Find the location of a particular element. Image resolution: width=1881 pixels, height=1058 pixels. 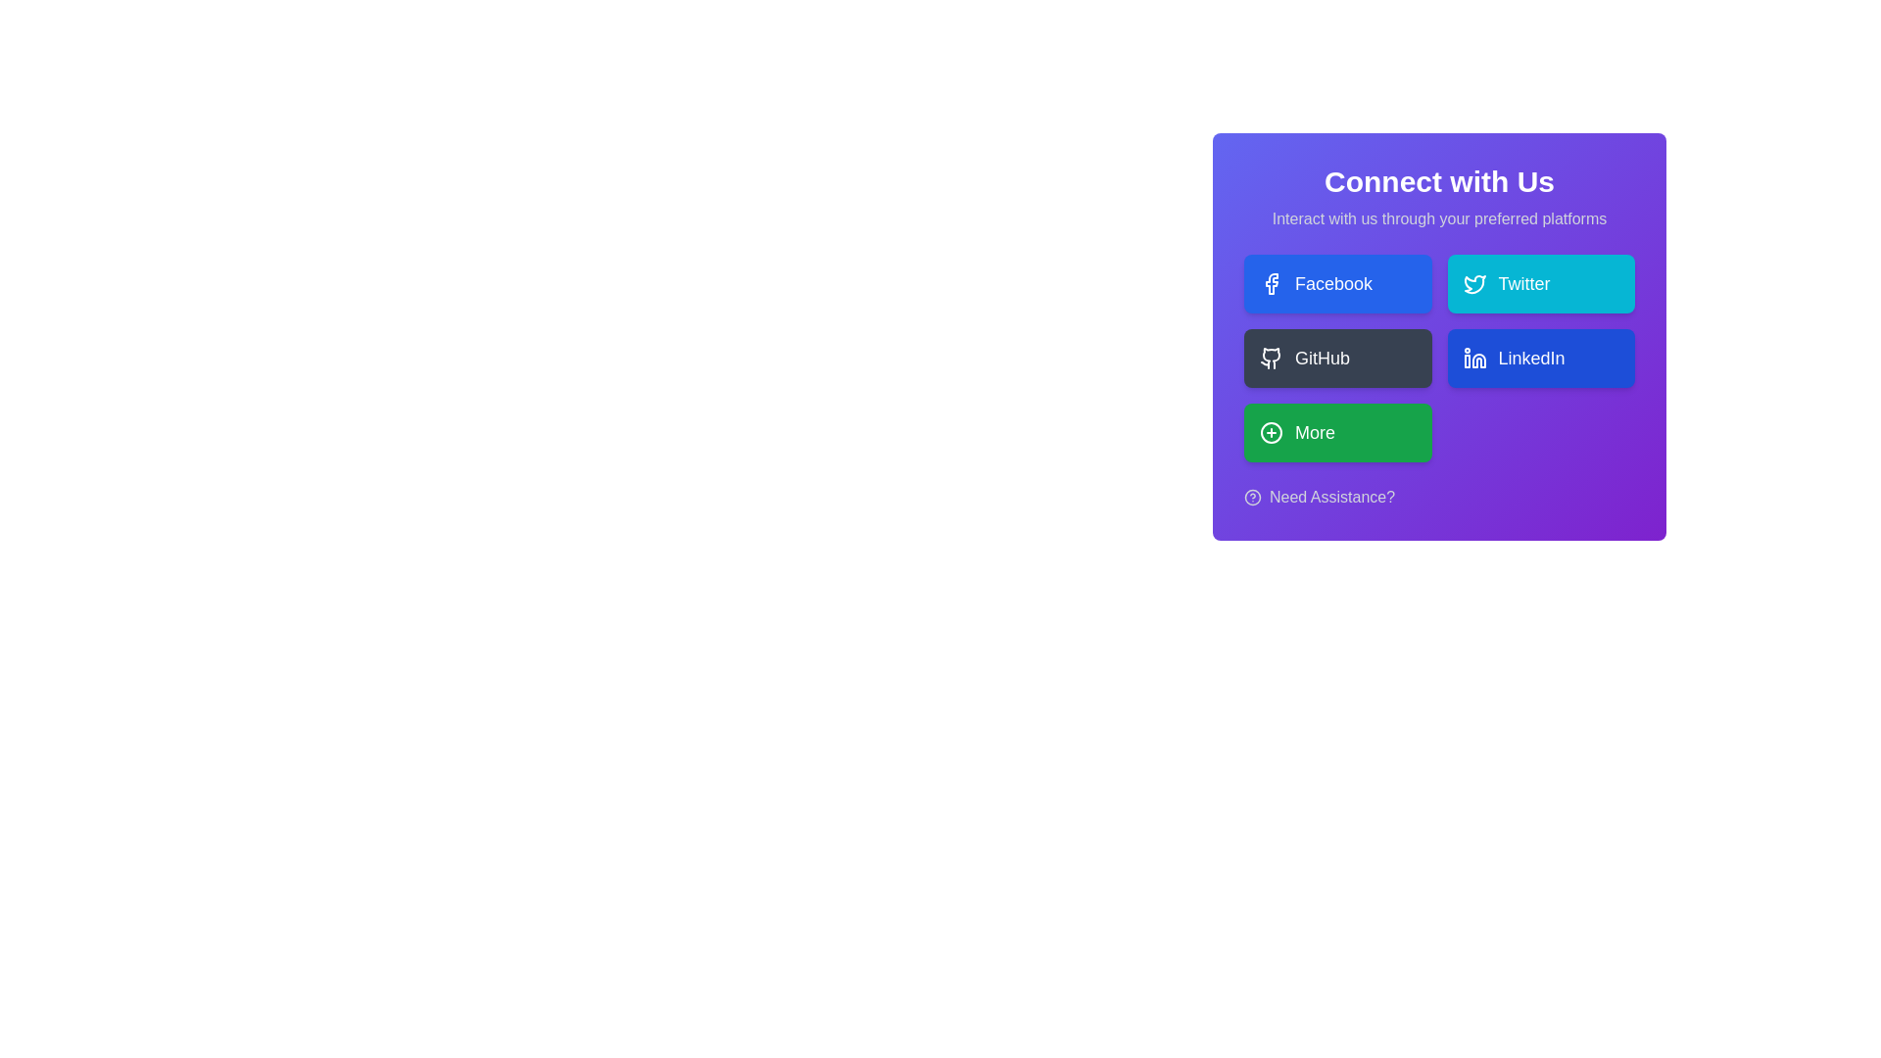

the 'Twitter' button which contains the 'Twitter' text label on a cyan background, located in the 'Connect with Us' panel is located at coordinates (1522, 283).